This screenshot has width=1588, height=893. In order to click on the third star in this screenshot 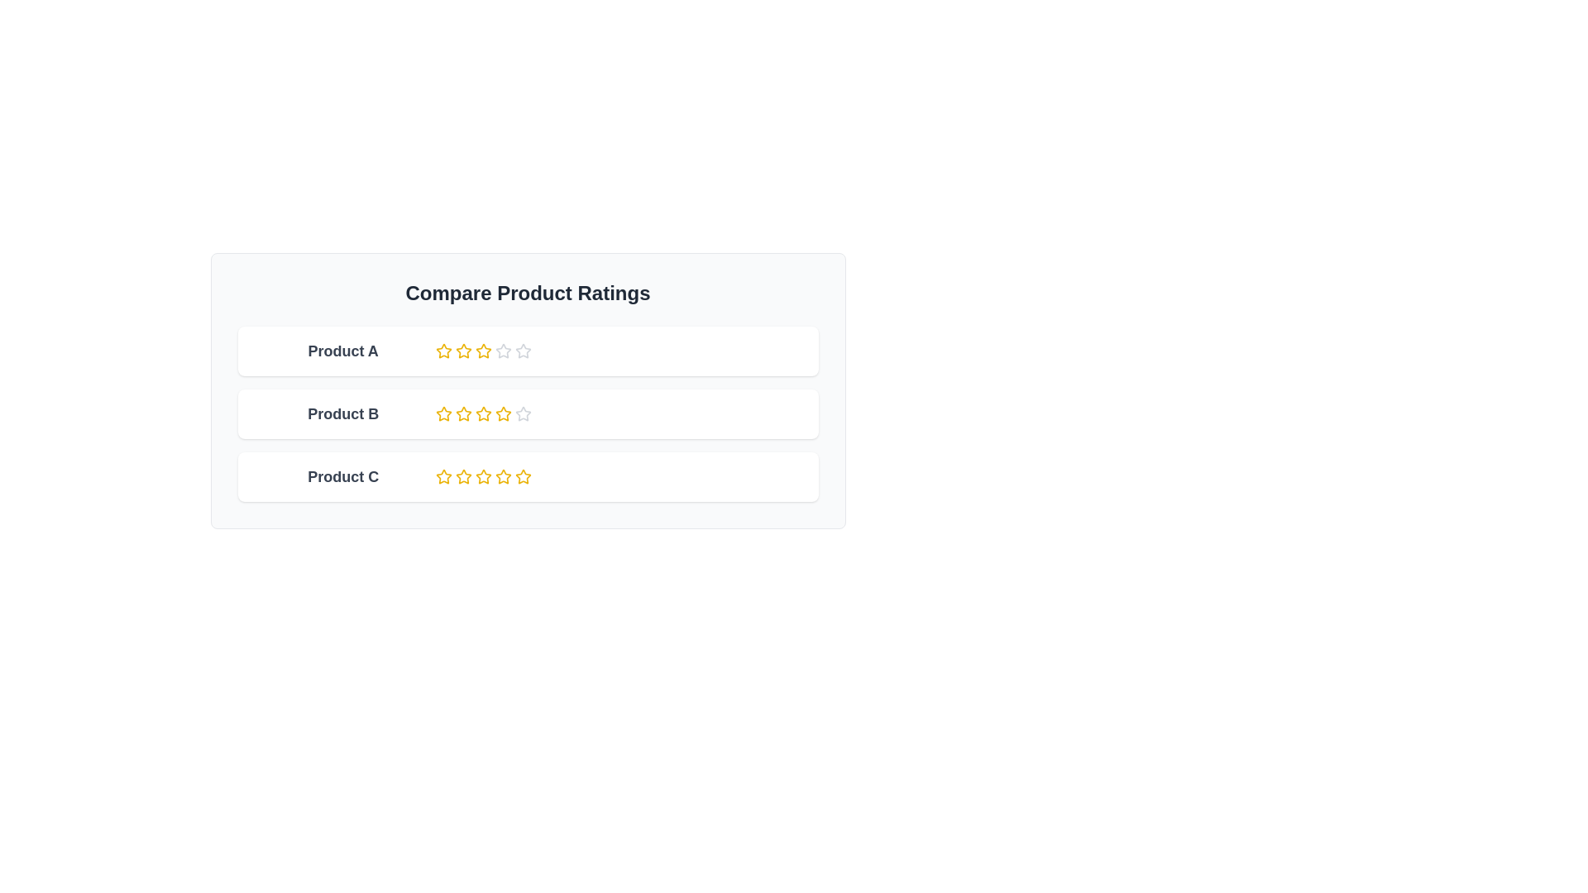, I will do `click(482, 413)`.